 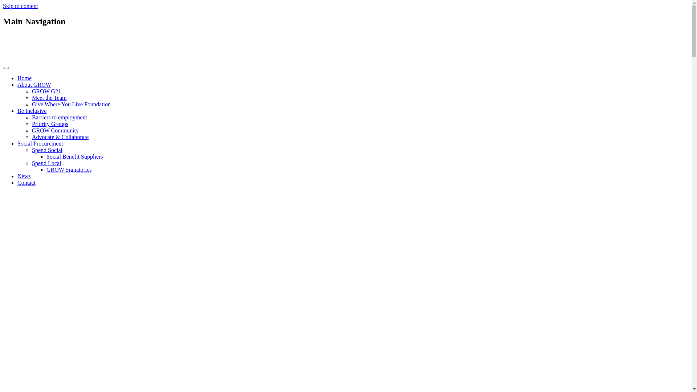 What do you see at coordinates (60, 137) in the screenshot?
I see `'Advocate & Collaborate'` at bounding box center [60, 137].